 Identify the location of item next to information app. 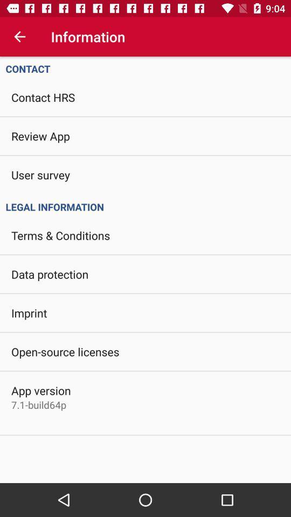
(19, 37).